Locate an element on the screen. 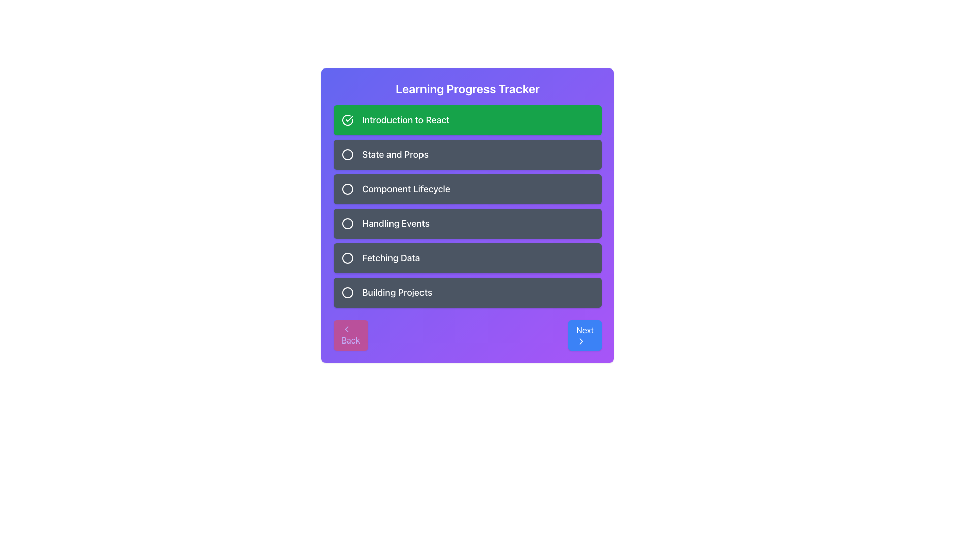 This screenshot has width=975, height=548. the outlined circle SVG element located on the left side of the 'State and Props' list item in the learning progress tracker is located at coordinates (348, 154).